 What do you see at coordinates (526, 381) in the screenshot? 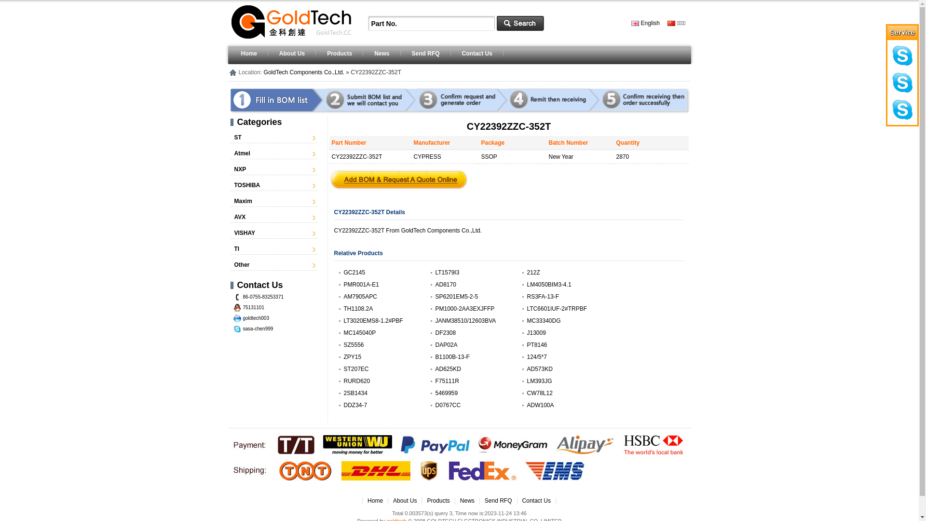
I see `'LM393JG'` at bounding box center [526, 381].